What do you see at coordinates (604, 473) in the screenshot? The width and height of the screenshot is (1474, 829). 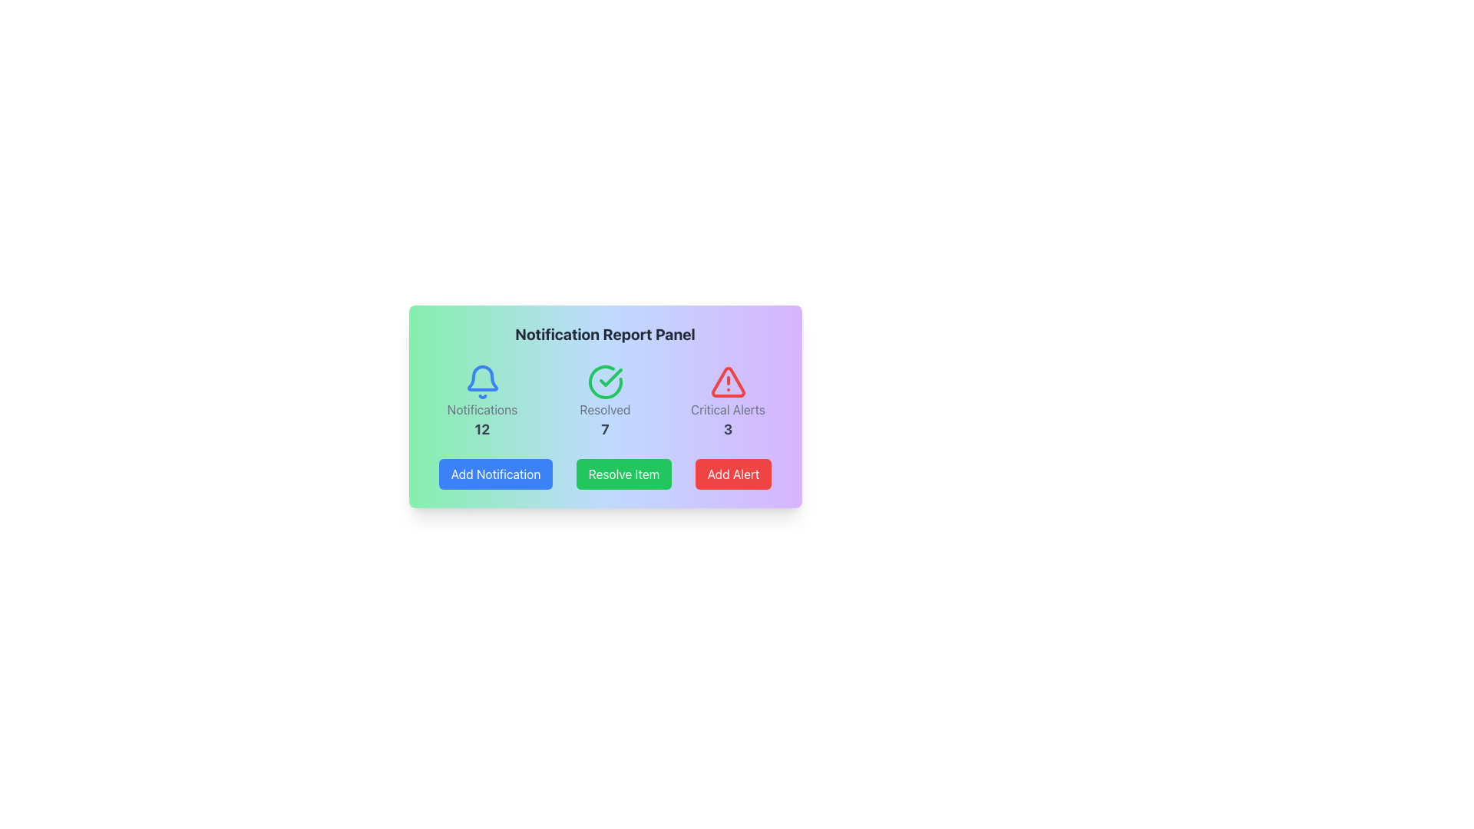 I see `the green 'Resolve Item' button` at bounding box center [604, 473].